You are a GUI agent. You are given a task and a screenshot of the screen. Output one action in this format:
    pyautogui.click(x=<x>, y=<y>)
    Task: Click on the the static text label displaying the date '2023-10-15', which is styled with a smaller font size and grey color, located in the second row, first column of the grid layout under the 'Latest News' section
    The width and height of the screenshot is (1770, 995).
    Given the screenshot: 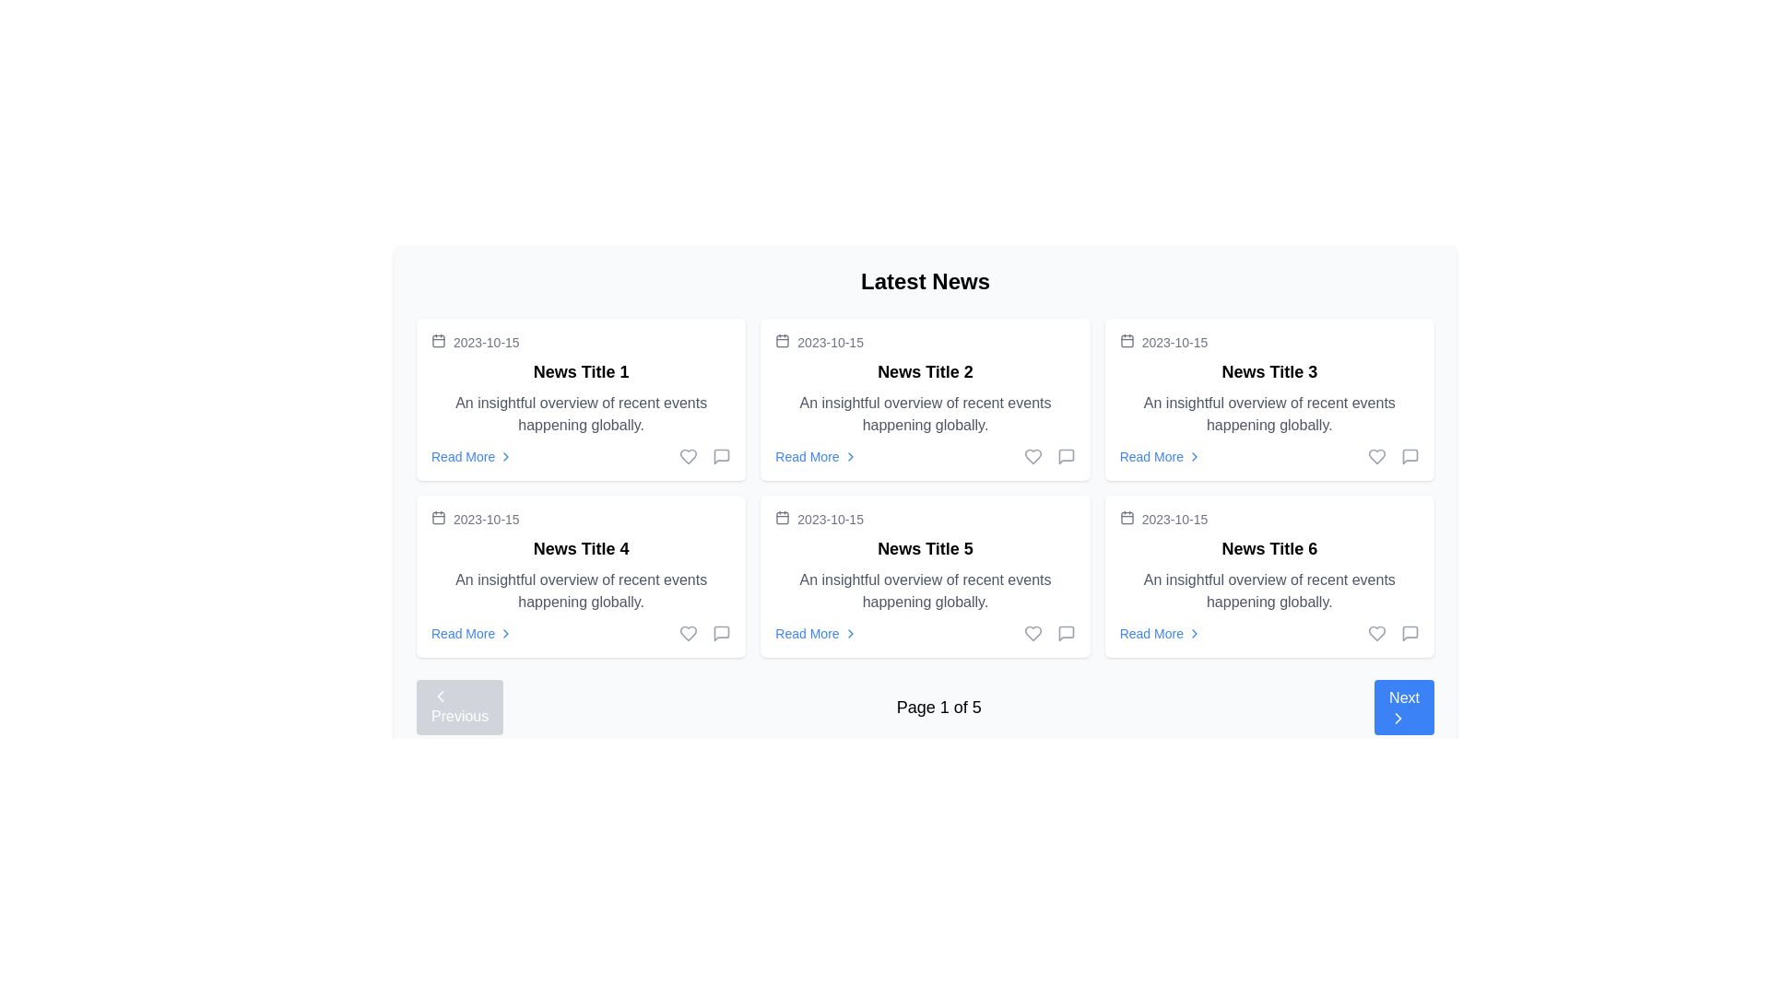 What is the action you would take?
    pyautogui.click(x=486, y=519)
    